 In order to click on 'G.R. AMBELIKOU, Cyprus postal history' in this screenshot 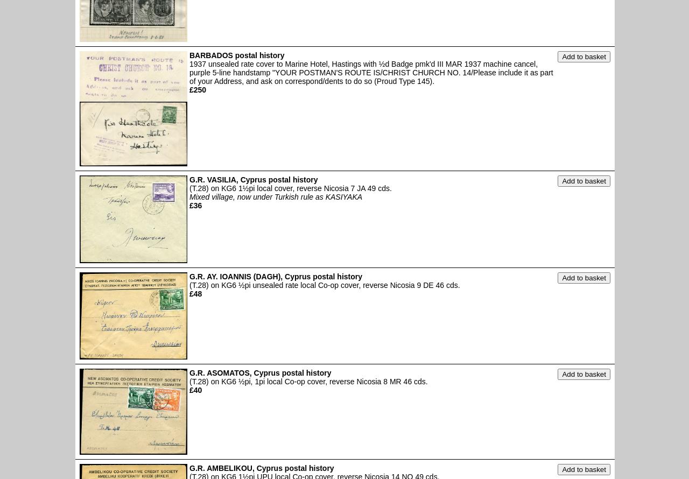, I will do `click(262, 467)`.